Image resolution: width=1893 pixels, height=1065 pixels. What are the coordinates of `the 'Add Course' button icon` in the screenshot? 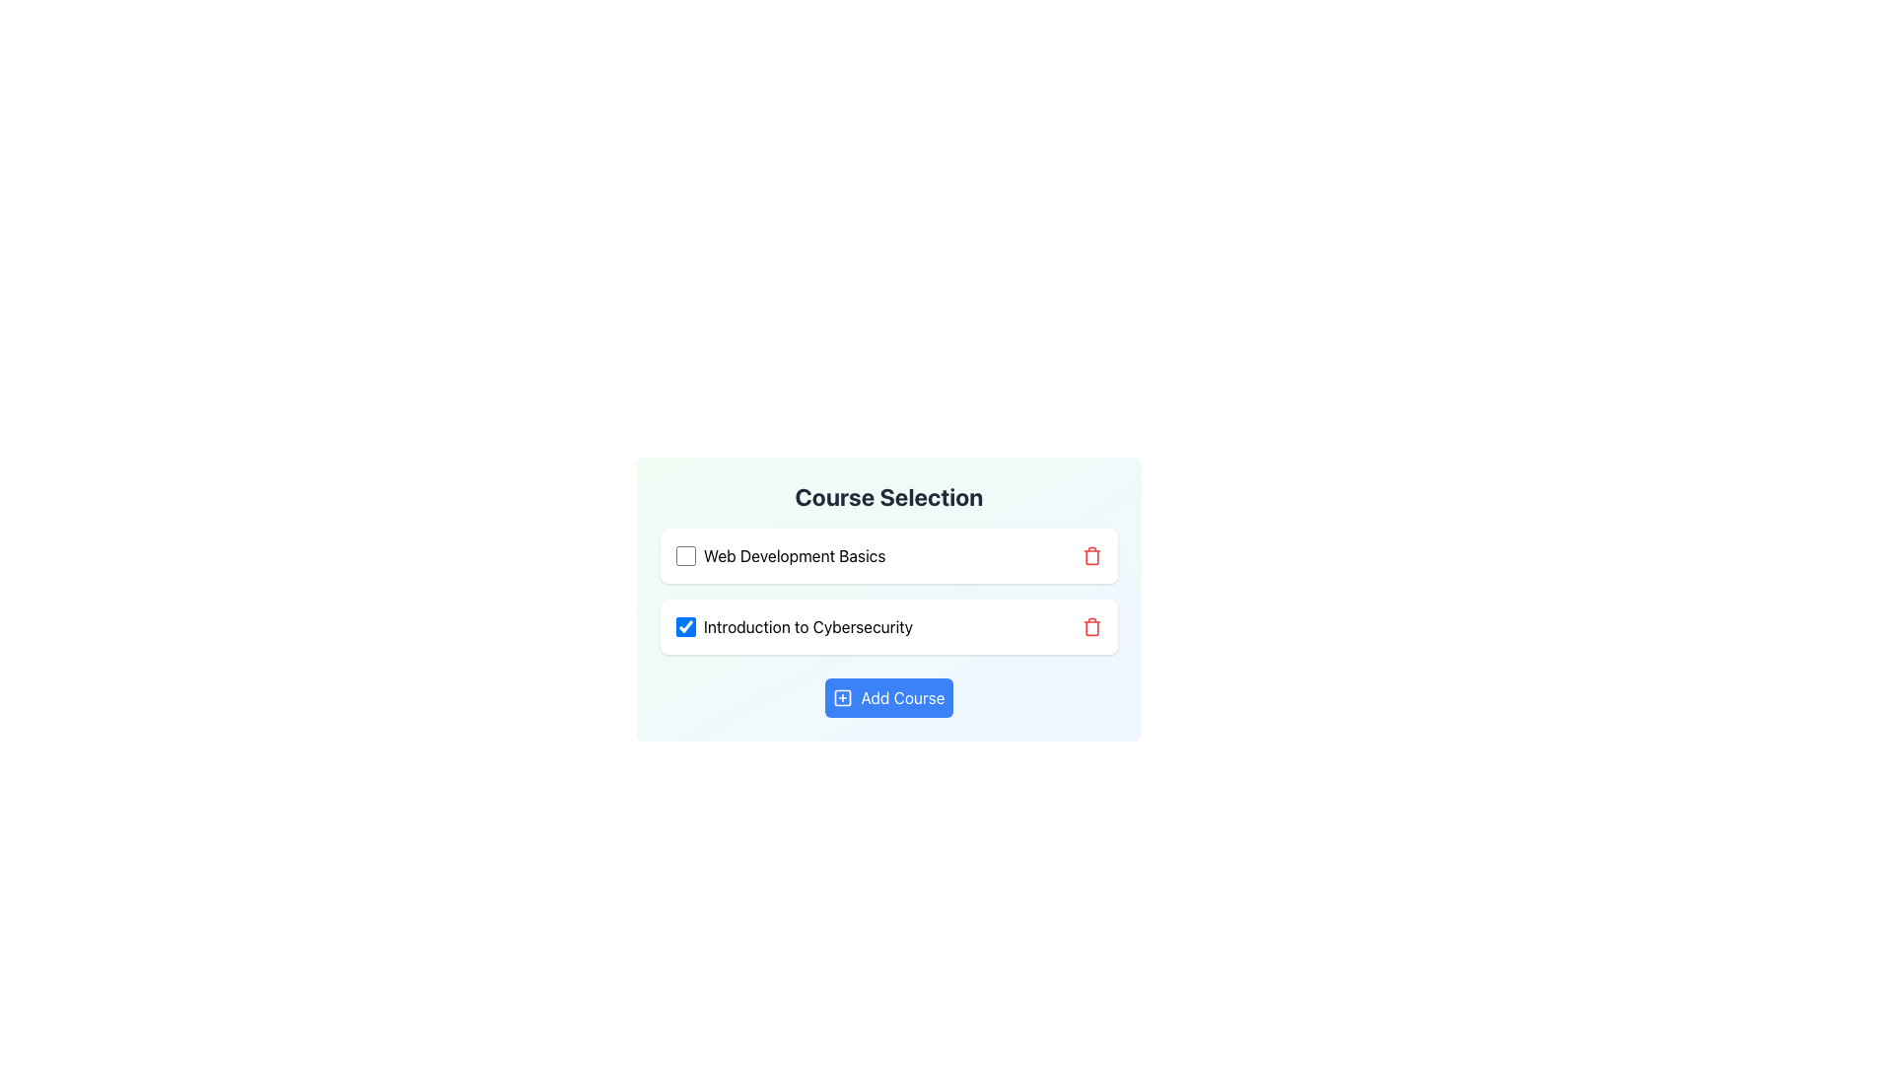 It's located at (843, 697).